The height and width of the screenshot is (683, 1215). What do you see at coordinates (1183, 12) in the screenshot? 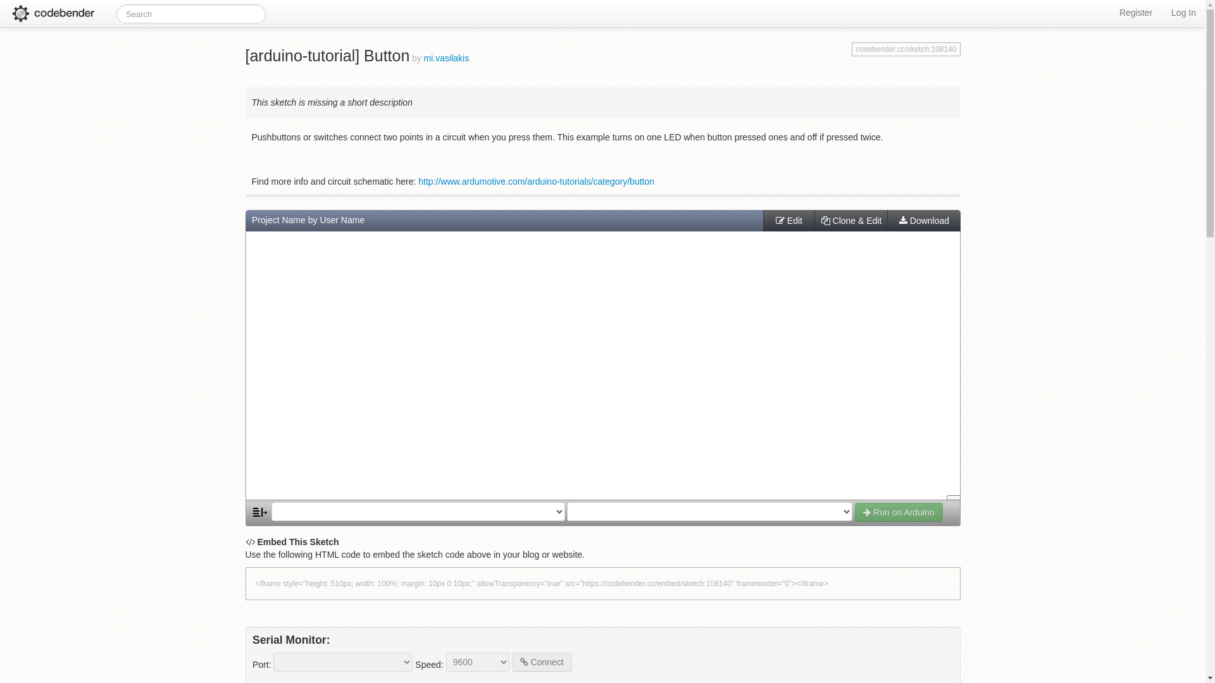
I see `'Log In'` at bounding box center [1183, 12].